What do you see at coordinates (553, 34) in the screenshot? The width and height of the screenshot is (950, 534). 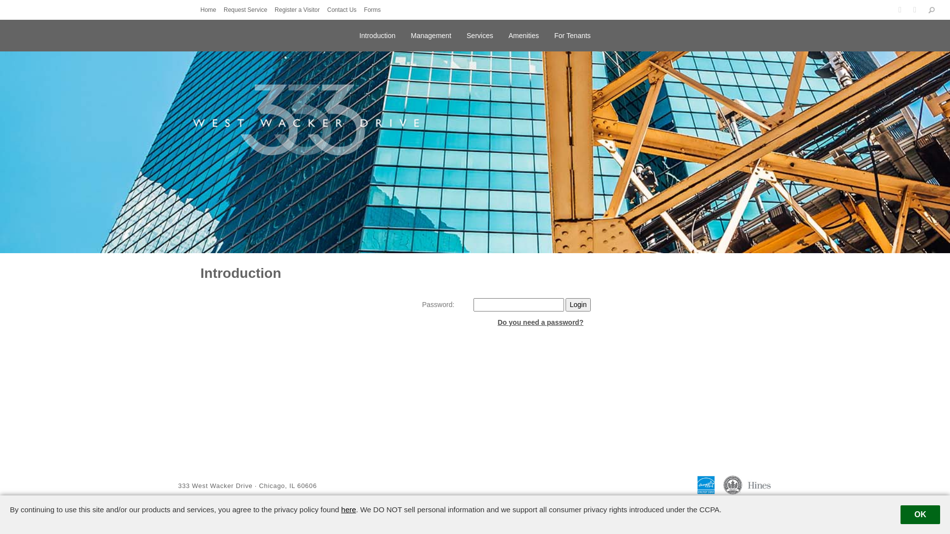 I see `'For Tenants'` at bounding box center [553, 34].